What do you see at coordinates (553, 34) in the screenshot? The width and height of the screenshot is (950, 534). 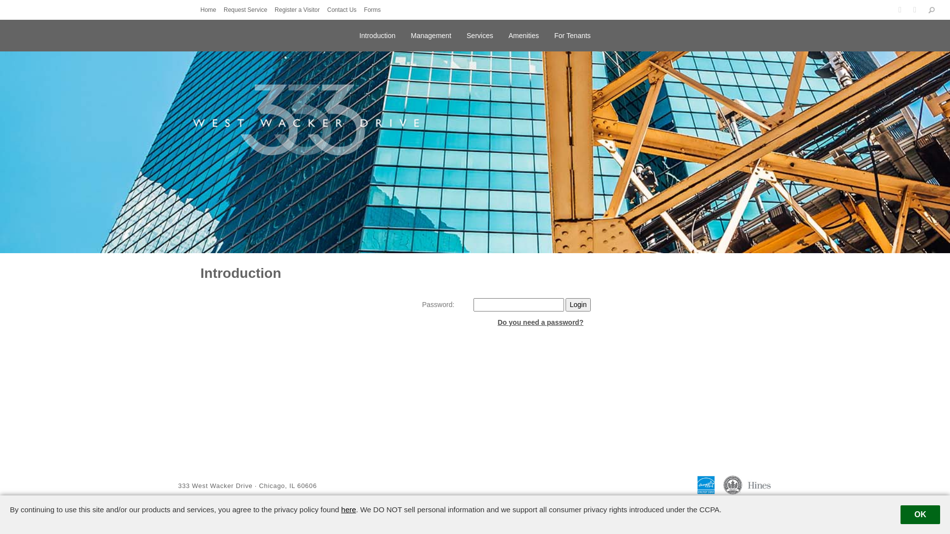 I see `'For Tenants'` at bounding box center [553, 34].